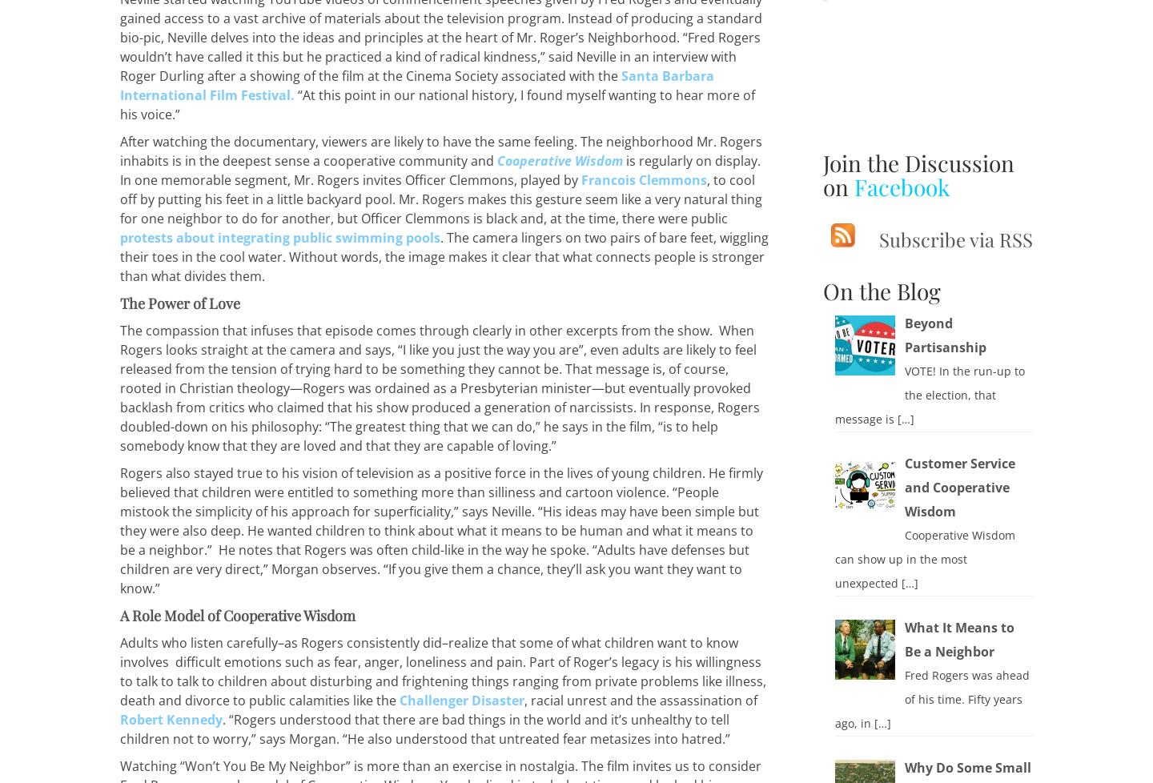  Describe the element at coordinates (834, 558) in the screenshot. I see `'Cooperative Wisdom can show up in the most unexpected  […]'` at that location.